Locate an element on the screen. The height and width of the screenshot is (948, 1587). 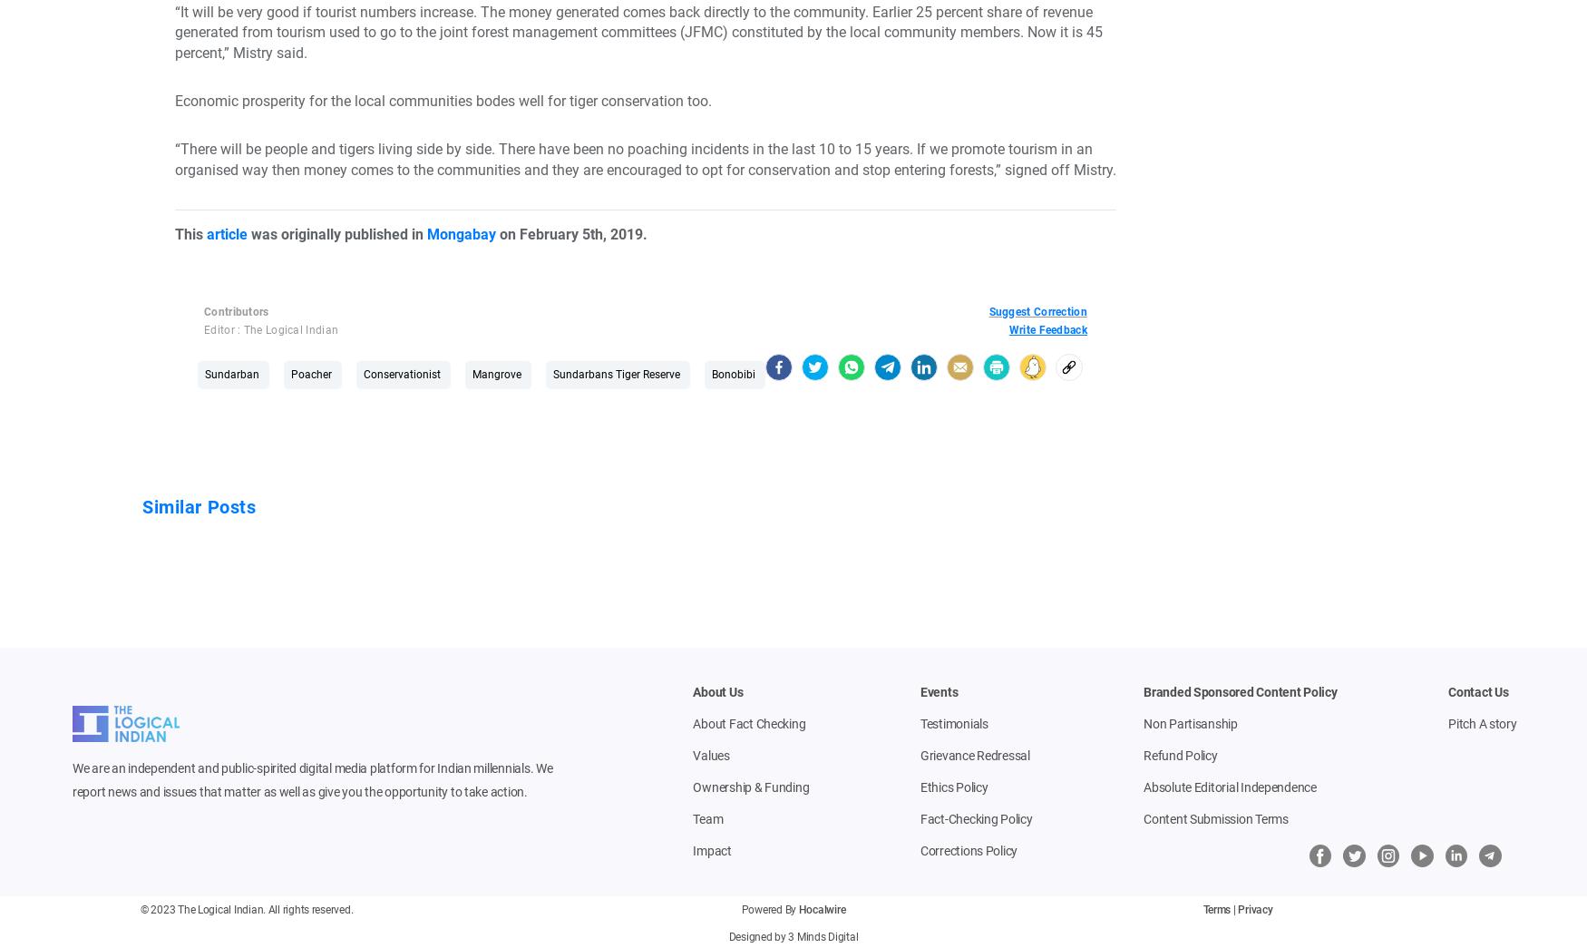
'Corrections Policy' is located at coordinates (969, 849).